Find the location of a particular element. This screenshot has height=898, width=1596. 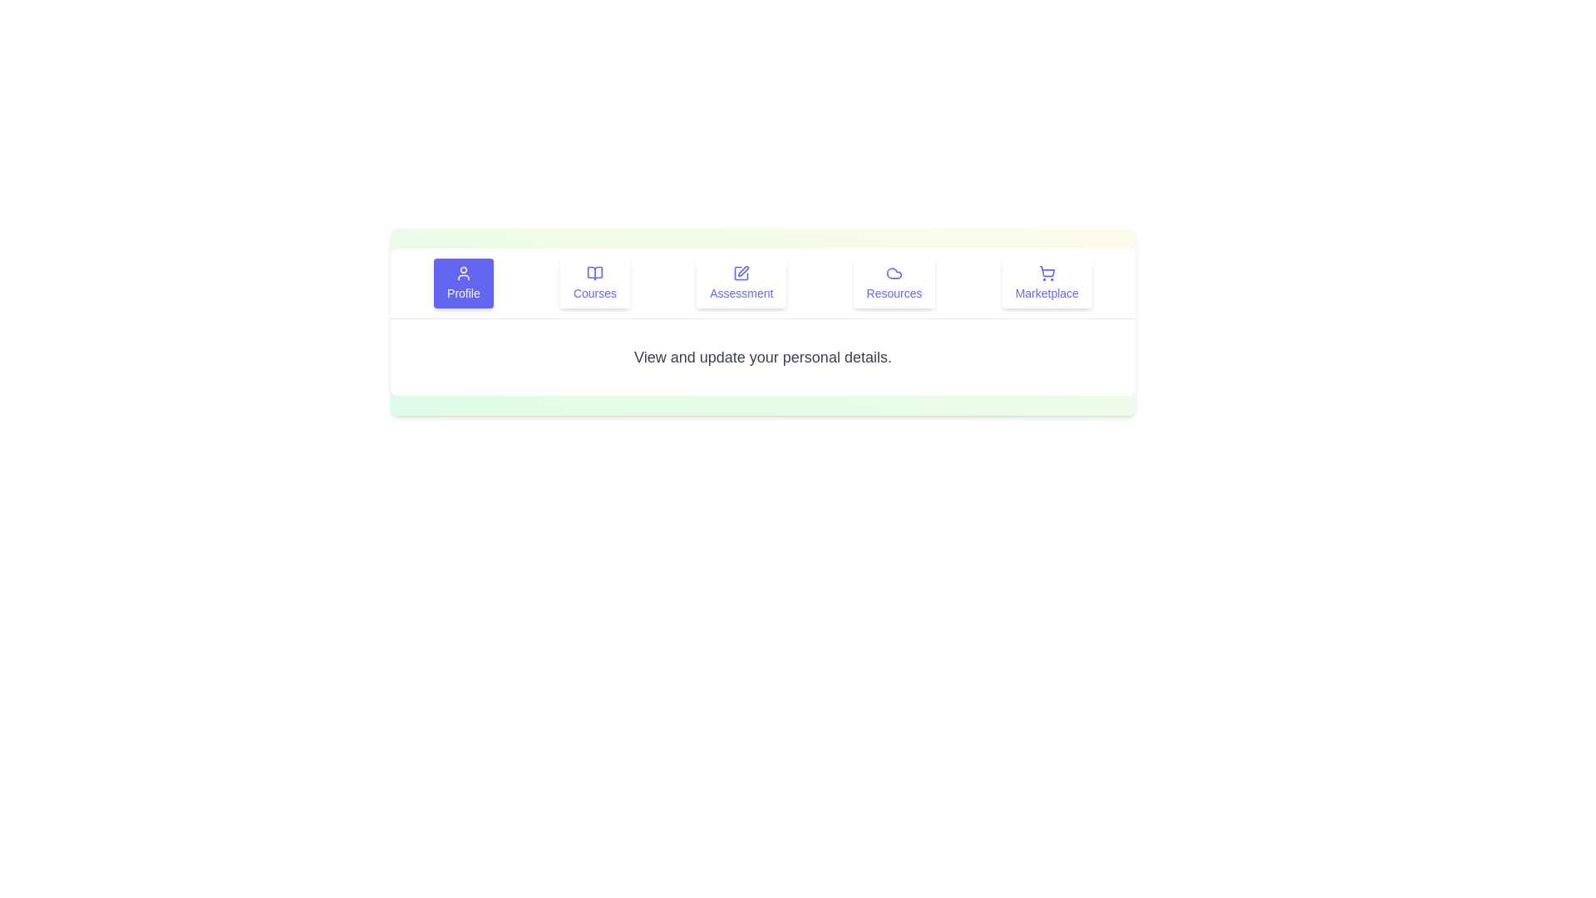

the 'Courses' text label, which is part of the navigation menu located beneath the open book icon is located at coordinates (594, 293).